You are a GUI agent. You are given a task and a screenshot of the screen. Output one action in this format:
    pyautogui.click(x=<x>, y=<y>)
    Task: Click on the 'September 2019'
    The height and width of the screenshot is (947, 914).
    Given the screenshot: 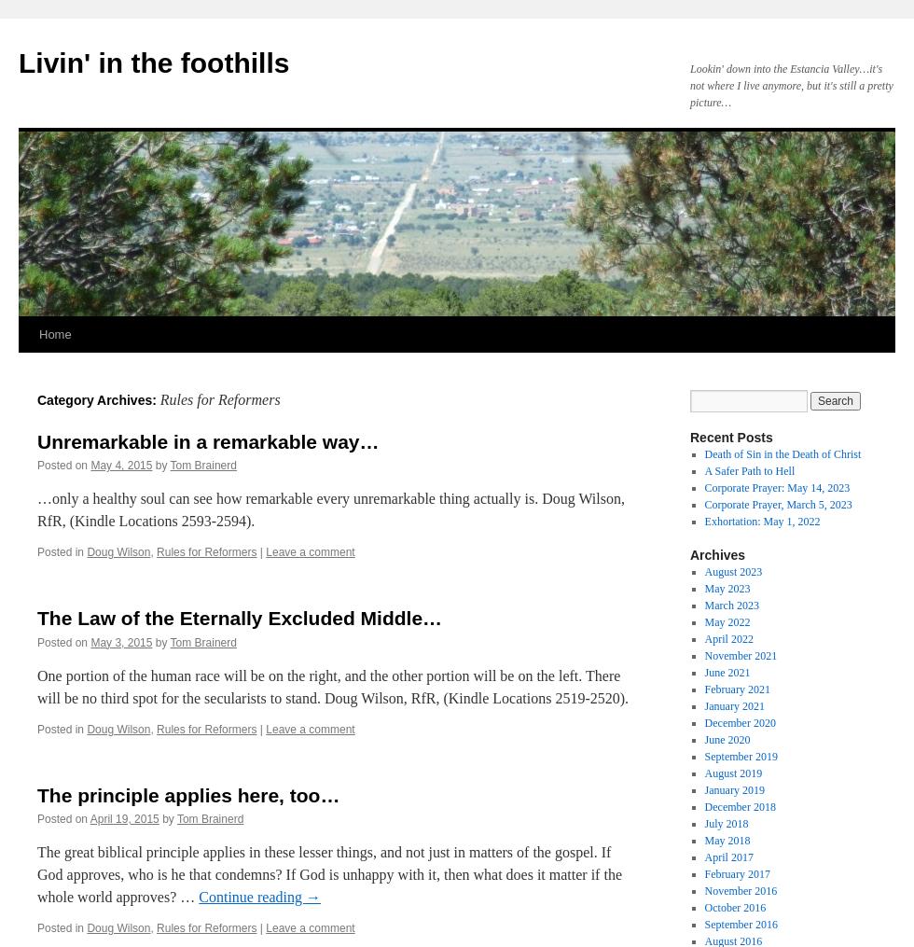 What is the action you would take?
    pyautogui.click(x=740, y=756)
    